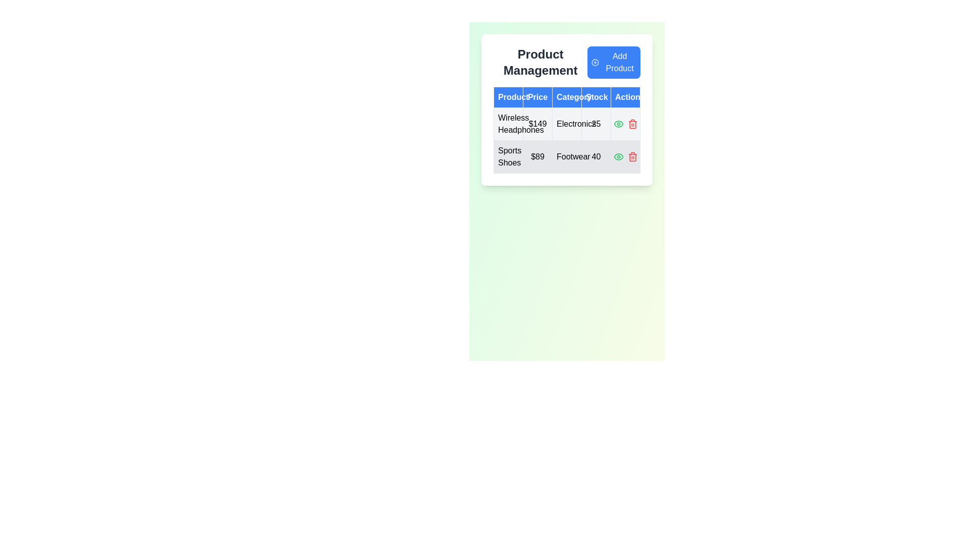 The width and height of the screenshot is (969, 545). Describe the element at coordinates (537, 97) in the screenshot. I see `text from the Table Header Cell that represents the Price values in the data table, located at the second position from the left, between 'Product' and 'Category'` at that location.